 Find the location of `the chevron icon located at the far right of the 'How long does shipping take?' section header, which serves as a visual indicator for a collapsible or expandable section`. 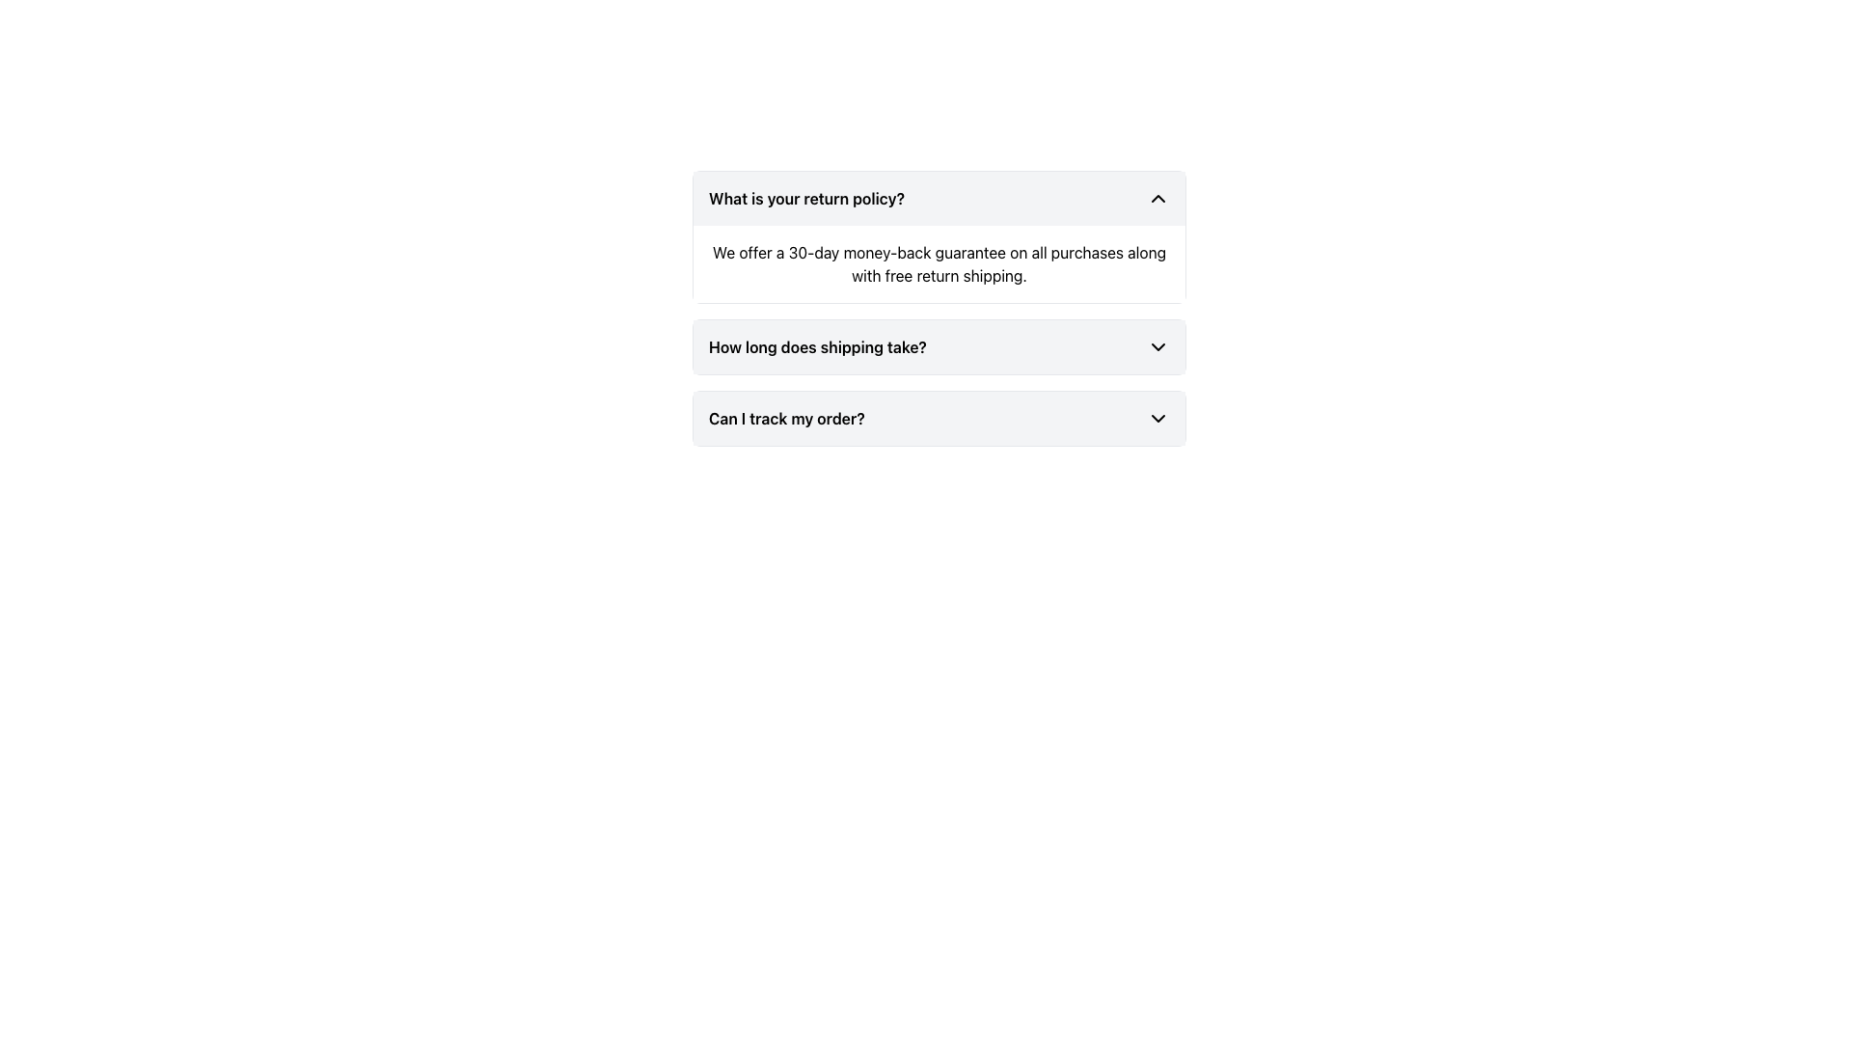

the chevron icon located at the far right of the 'How long does shipping take?' section header, which serves as a visual indicator for a collapsible or expandable section is located at coordinates (1157, 345).